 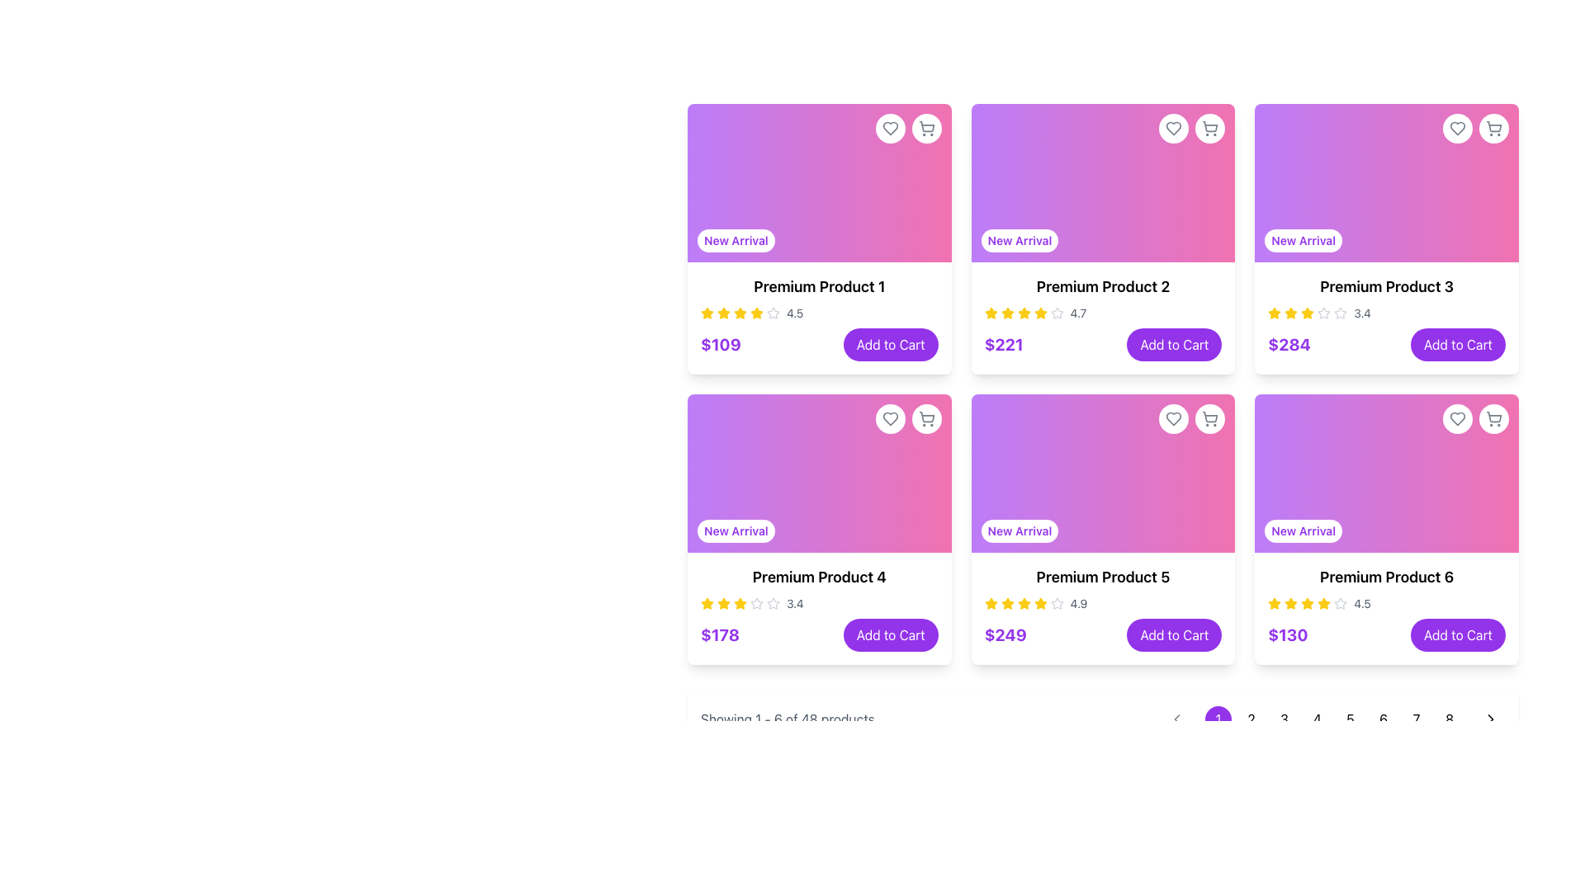 What do you see at coordinates (720, 634) in the screenshot?
I see `price value displayed in the bold purple text label showing '$178', located below the star ratings for 'Premium Product 4'` at bounding box center [720, 634].